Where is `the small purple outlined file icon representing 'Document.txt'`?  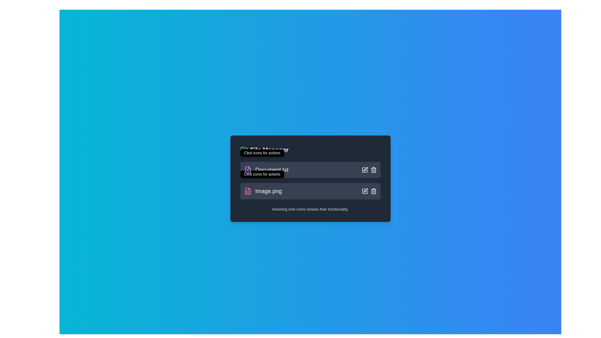 the small purple outlined file icon representing 'Document.txt' is located at coordinates (247, 170).